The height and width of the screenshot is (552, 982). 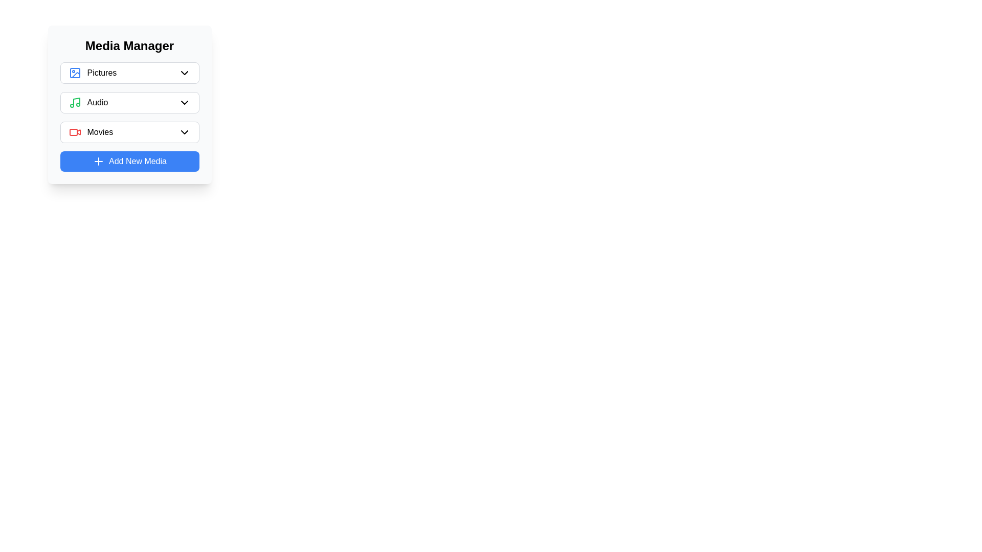 What do you see at coordinates (100, 131) in the screenshot?
I see `the 'Movies' text label element in the 'Media Manager' panel, located in the third row of the vertical list` at bounding box center [100, 131].